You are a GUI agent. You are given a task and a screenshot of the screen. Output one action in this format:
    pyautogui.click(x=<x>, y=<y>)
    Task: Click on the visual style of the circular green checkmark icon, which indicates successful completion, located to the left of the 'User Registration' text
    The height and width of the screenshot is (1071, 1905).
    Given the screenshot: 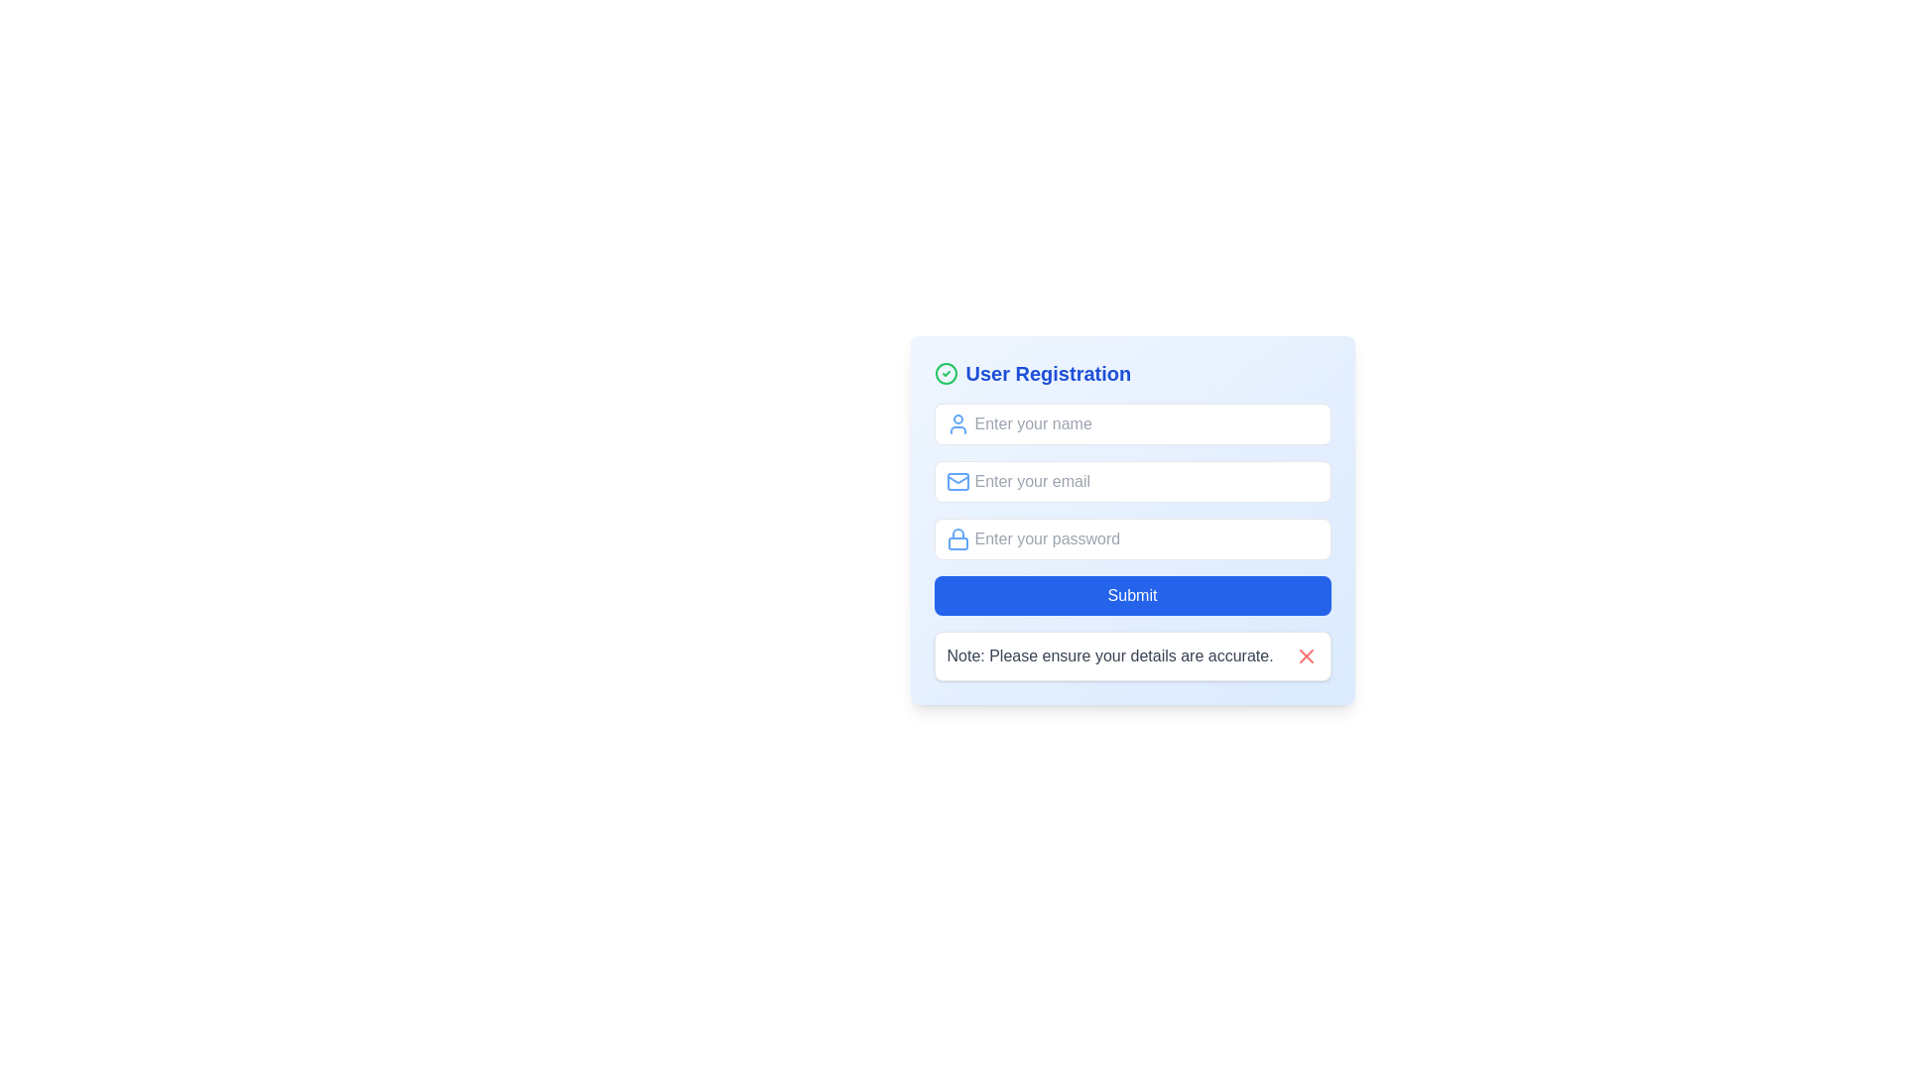 What is the action you would take?
    pyautogui.click(x=945, y=374)
    